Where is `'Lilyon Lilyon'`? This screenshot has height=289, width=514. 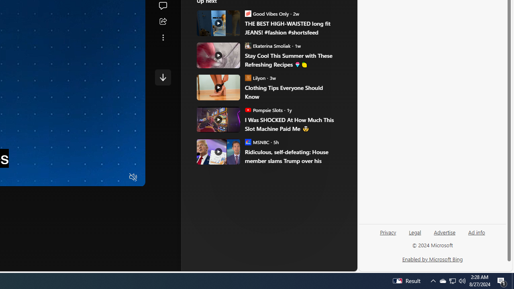 'Lilyon Lilyon' is located at coordinates (255, 78).